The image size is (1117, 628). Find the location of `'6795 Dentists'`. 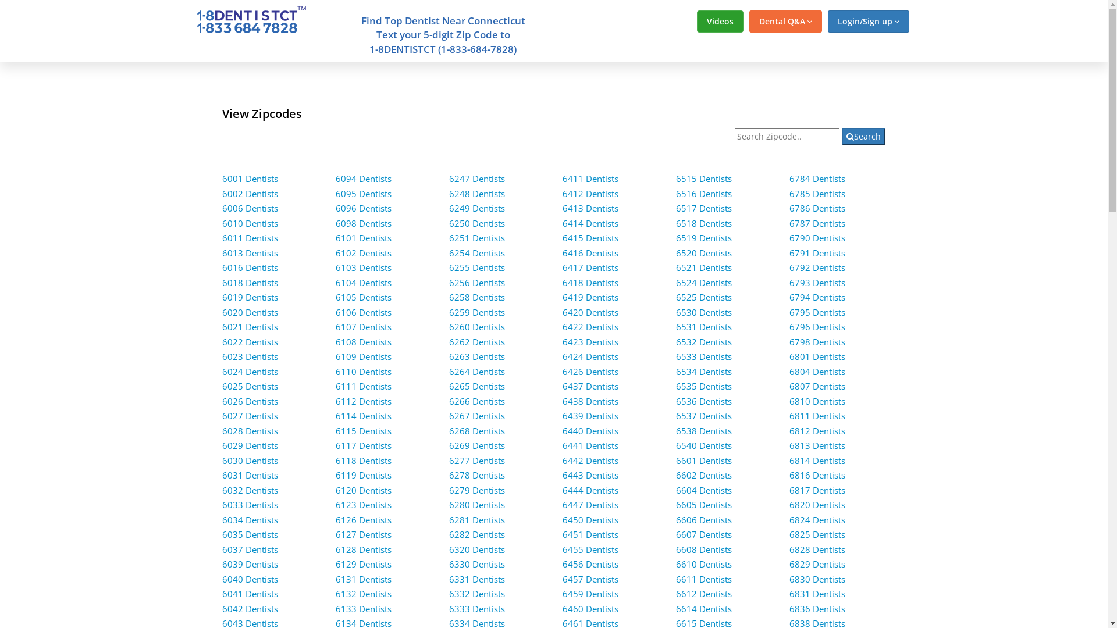

'6795 Dentists' is located at coordinates (817, 311).